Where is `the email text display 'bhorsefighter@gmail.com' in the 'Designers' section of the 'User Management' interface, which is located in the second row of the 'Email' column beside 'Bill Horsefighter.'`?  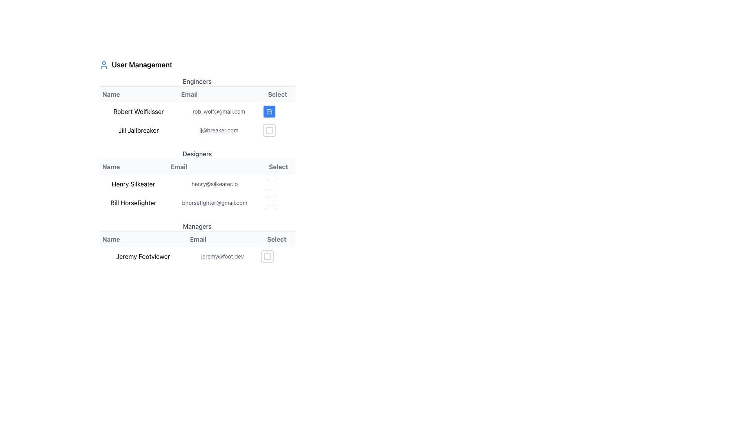 the email text display 'bhorsefighter@gmail.com' in the 'Designers' section of the 'User Management' interface, which is located in the second row of the 'Email' column beside 'Bill Horsefighter.' is located at coordinates (215, 202).